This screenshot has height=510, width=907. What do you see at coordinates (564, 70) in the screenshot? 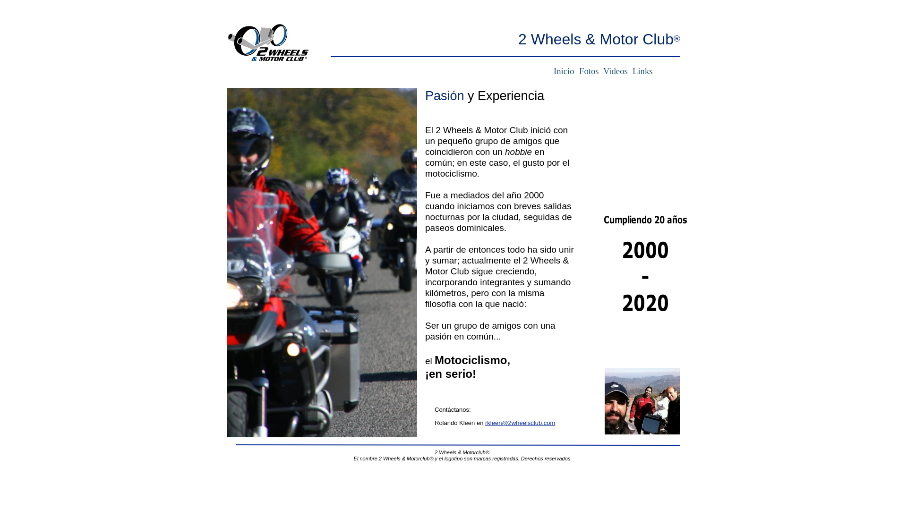
I see `'Inicio'` at bounding box center [564, 70].